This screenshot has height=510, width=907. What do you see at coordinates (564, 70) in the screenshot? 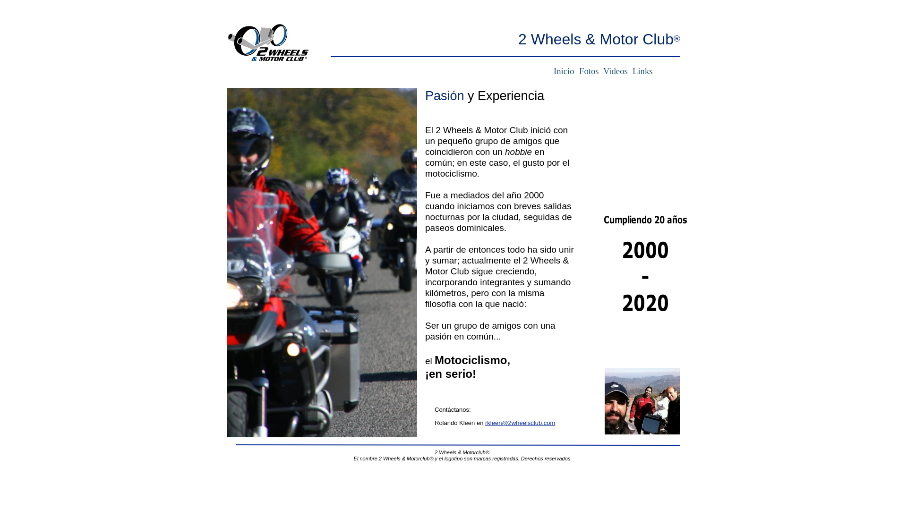
I see `'Inicio'` at bounding box center [564, 70].